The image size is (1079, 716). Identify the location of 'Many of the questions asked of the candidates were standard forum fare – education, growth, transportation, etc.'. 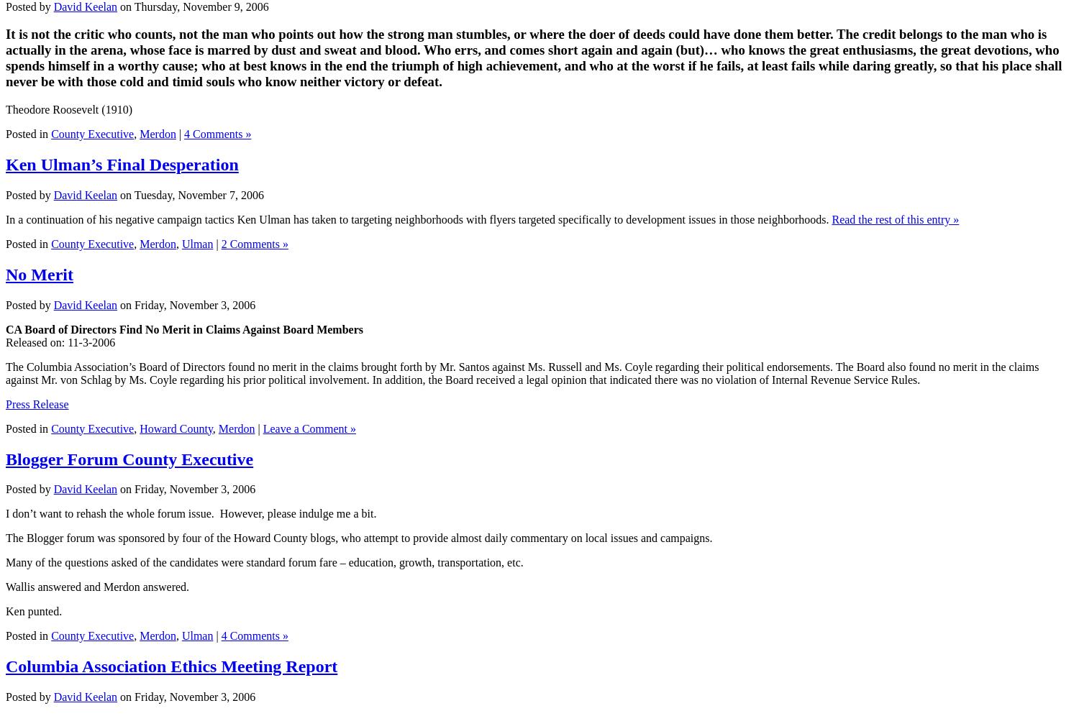
(5, 562).